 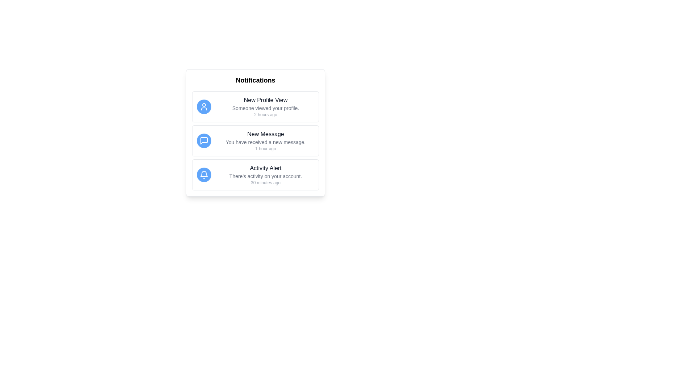 What do you see at coordinates (203, 175) in the screenshot?
I see `the bell icon button located at the left side of the 'Activity Alert' notification row` at bounding box center [203, 175].